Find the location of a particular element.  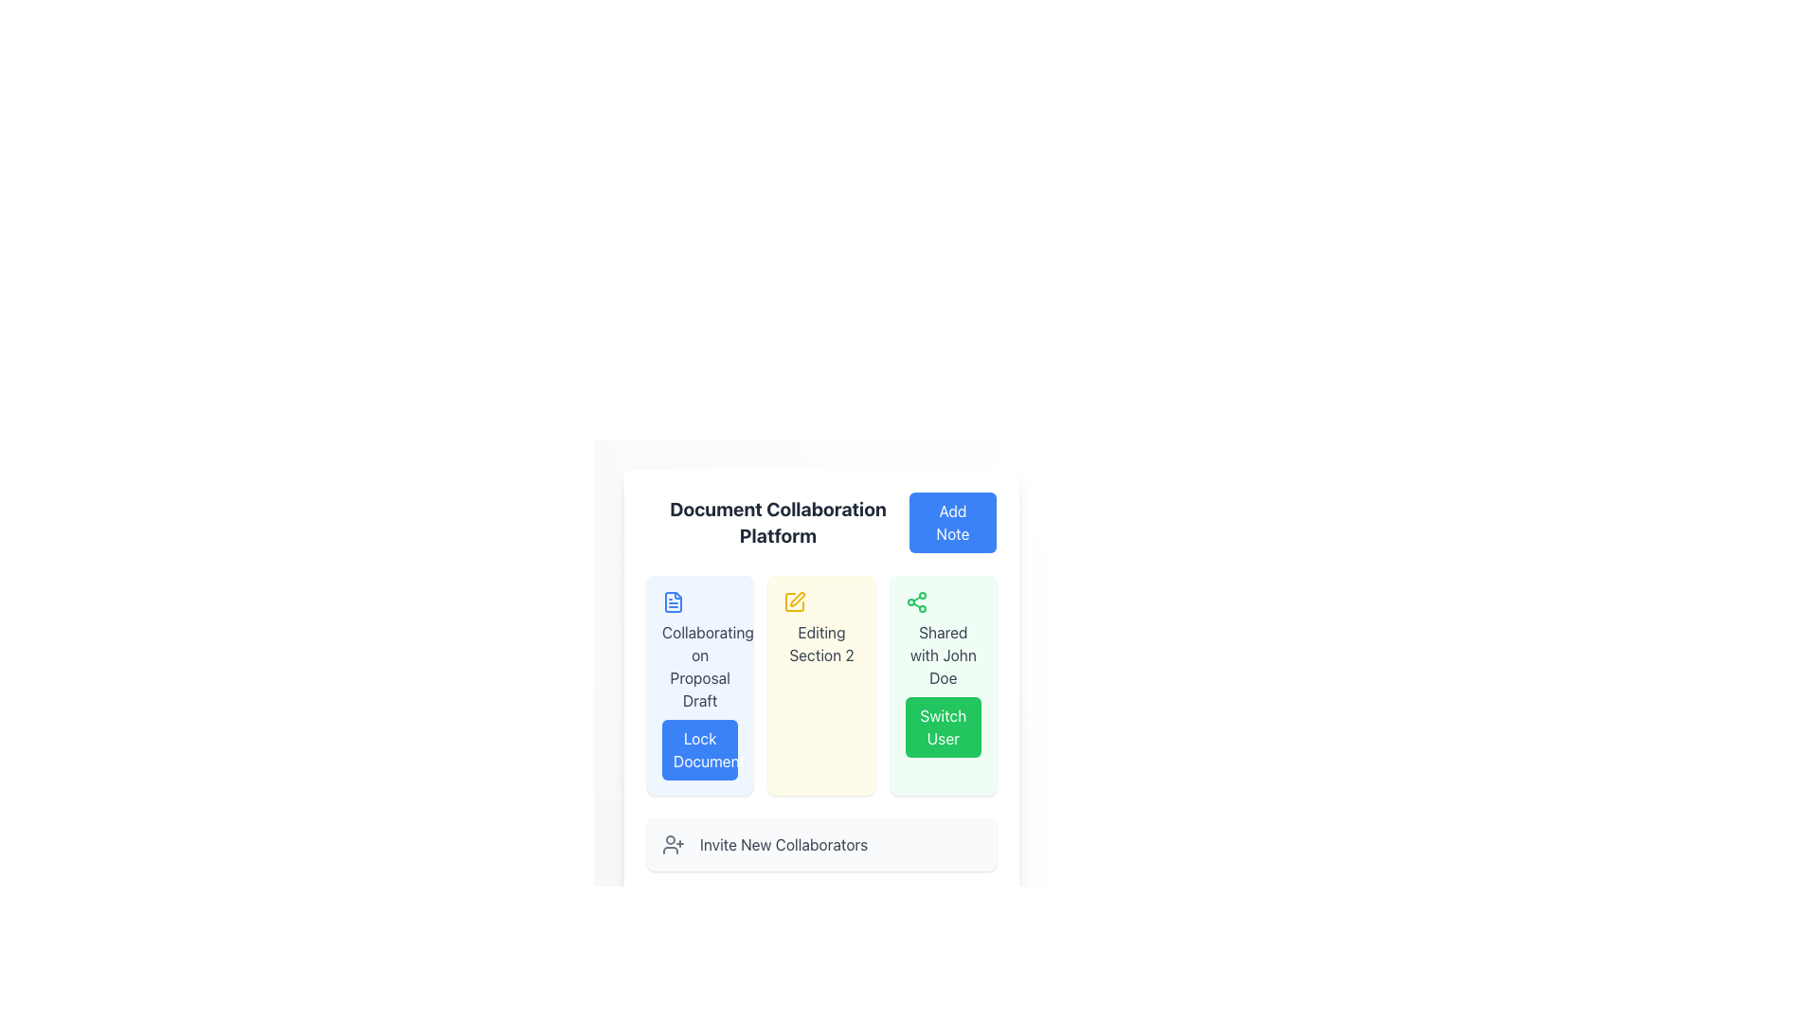

the document icon with a blue color located in the top-left box of the 'Collaborating on Proposal Draft' card is located at coordinates (673, 602).